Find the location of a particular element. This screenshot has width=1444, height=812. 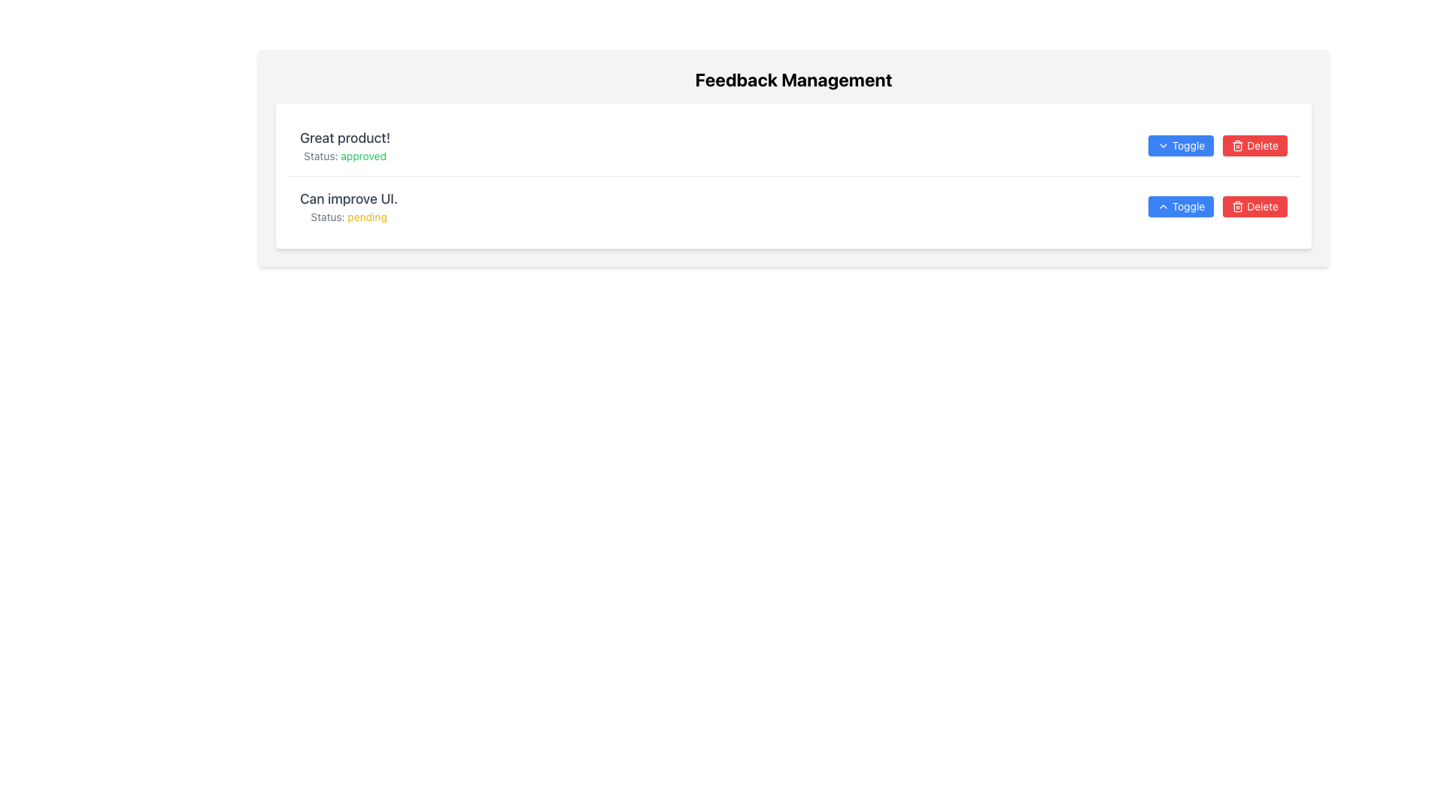

the first interactive button positioned to the left of the 'Delete' button is located at coordinates (1180, 145).